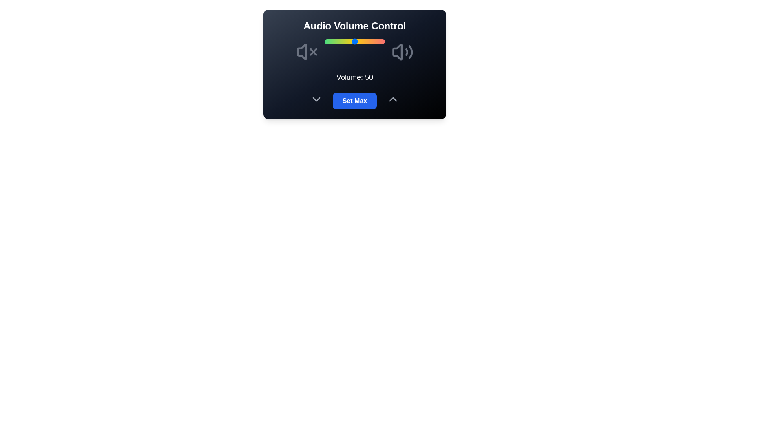 This screenshot has width=783, height=440. What do you see at coordinates (354, 100) in the screenshot?
I see `'Set Max' button to set the volume to the maximum` at bounding box center [354, 100].